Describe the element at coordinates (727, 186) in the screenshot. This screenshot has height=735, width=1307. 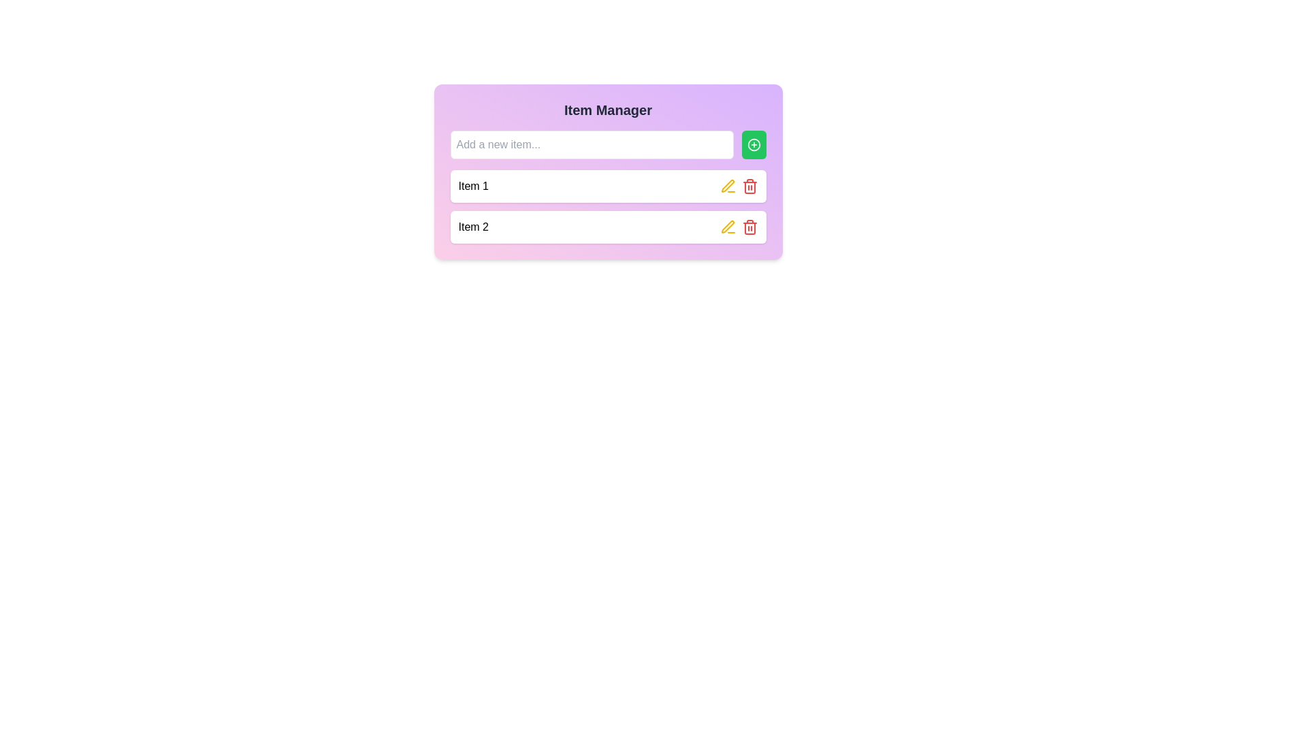
I see `the edit button icon located to the right of 'Item 2'` at that location.